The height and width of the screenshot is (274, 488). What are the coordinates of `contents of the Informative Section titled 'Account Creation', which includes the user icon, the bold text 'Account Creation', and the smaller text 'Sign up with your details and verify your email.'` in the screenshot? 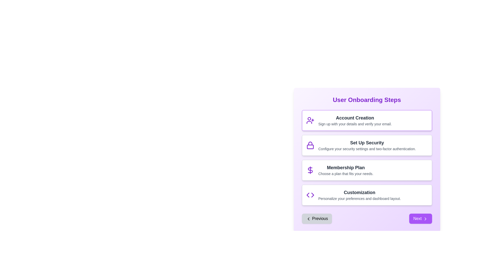 It's located at (367, 120).